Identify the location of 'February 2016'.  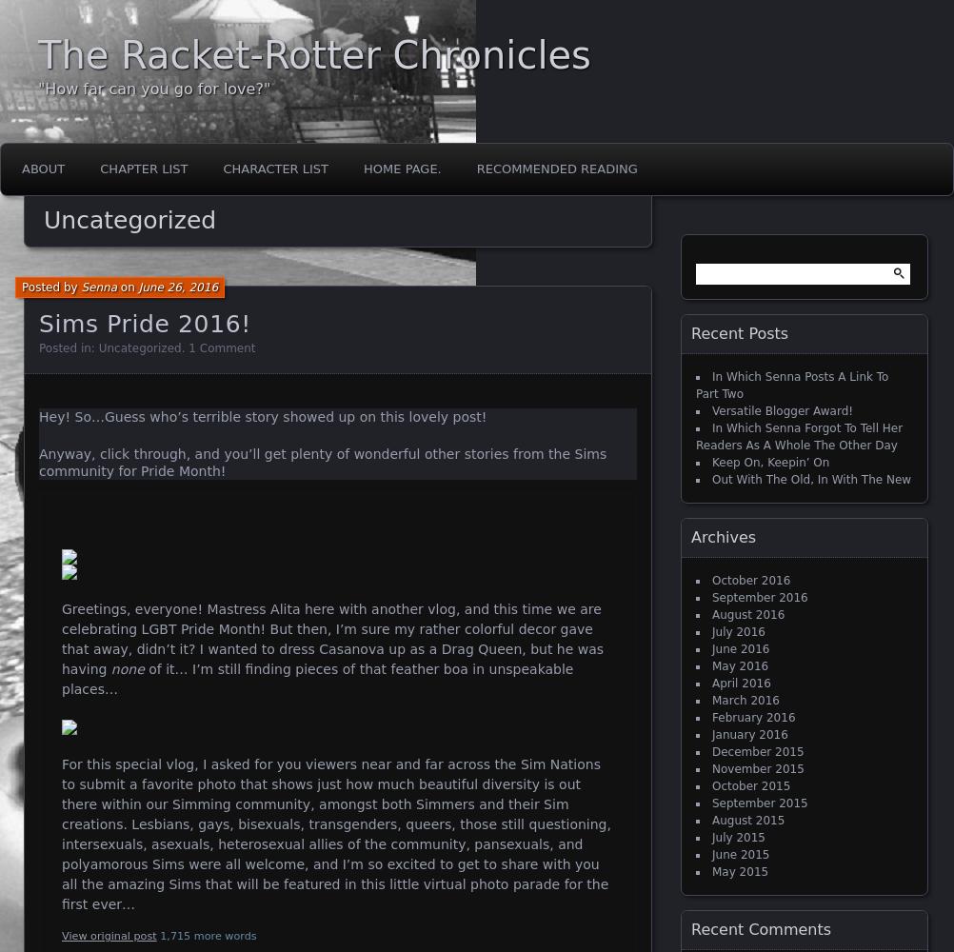
(752, 718).